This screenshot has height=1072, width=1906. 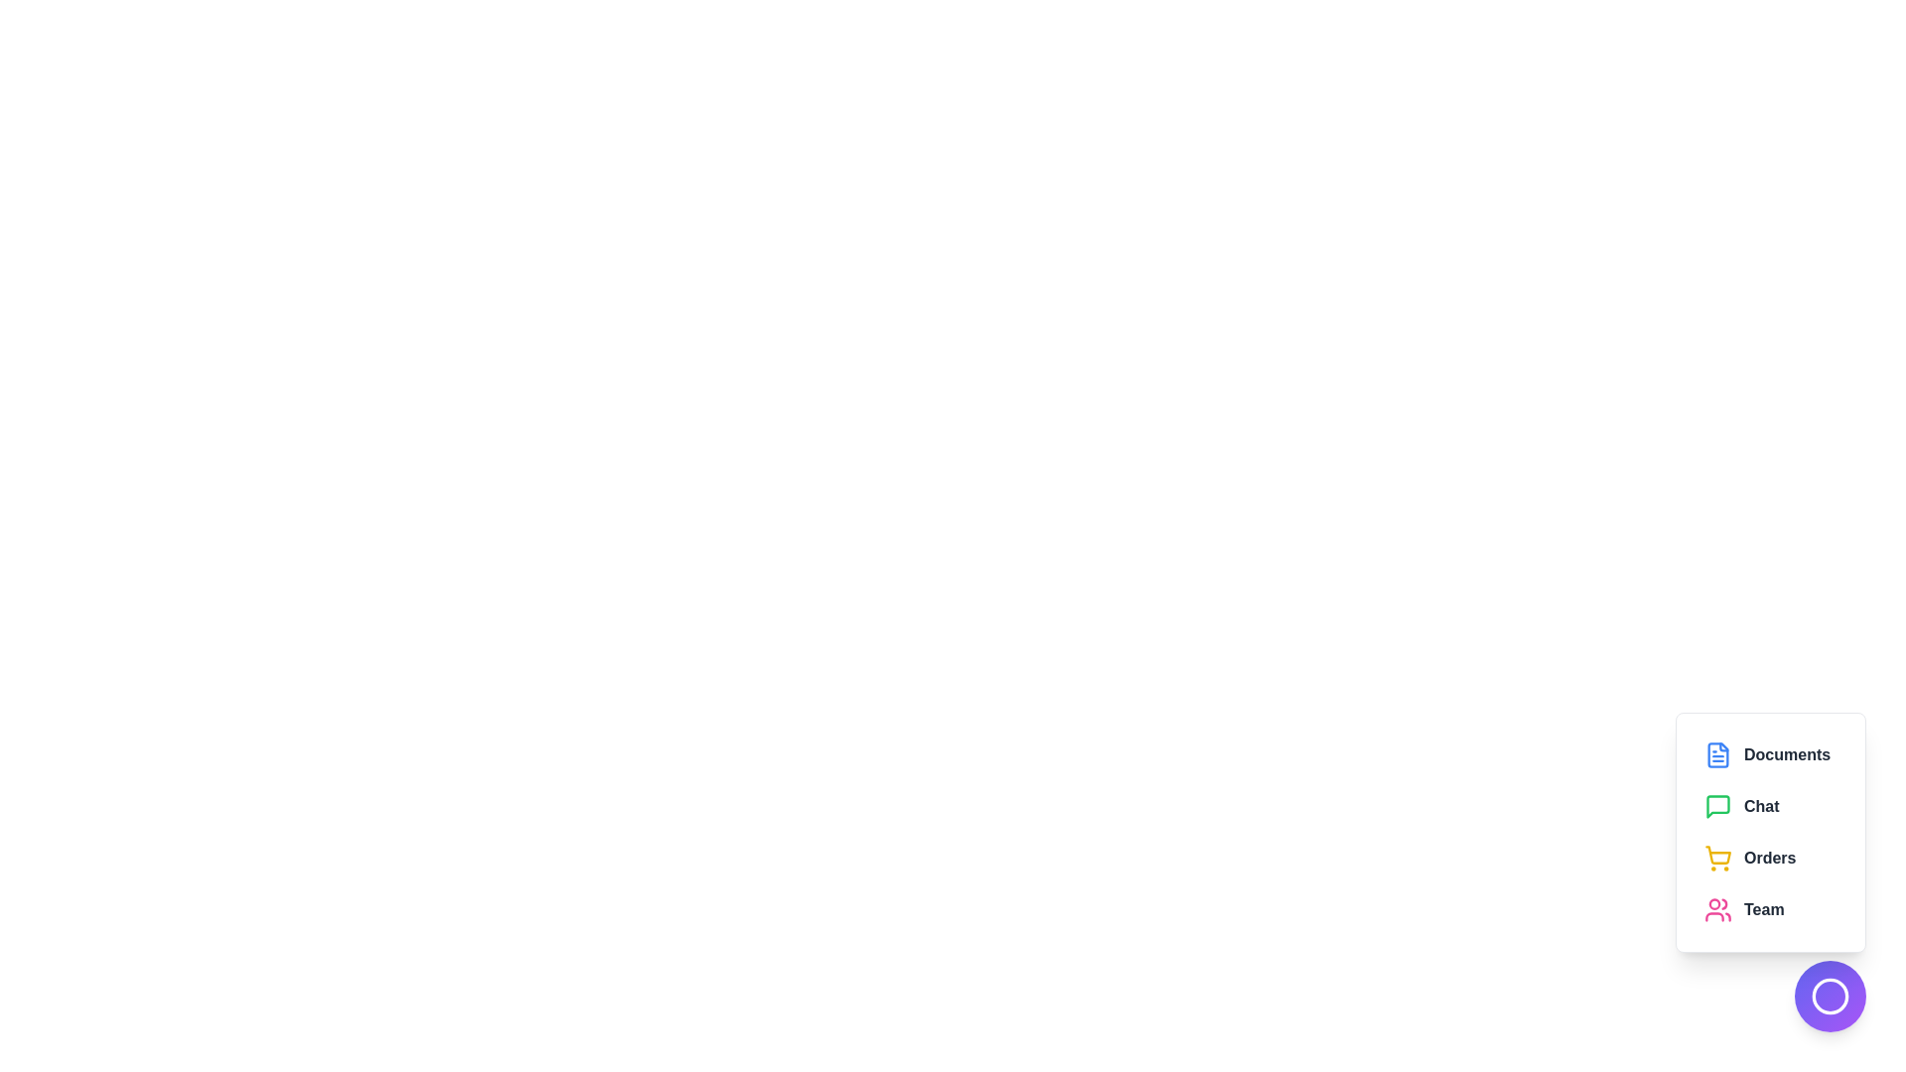 I want to click on the menu item Documents from the EnhancedSpeedDial component, so click(x=1771, y=754).